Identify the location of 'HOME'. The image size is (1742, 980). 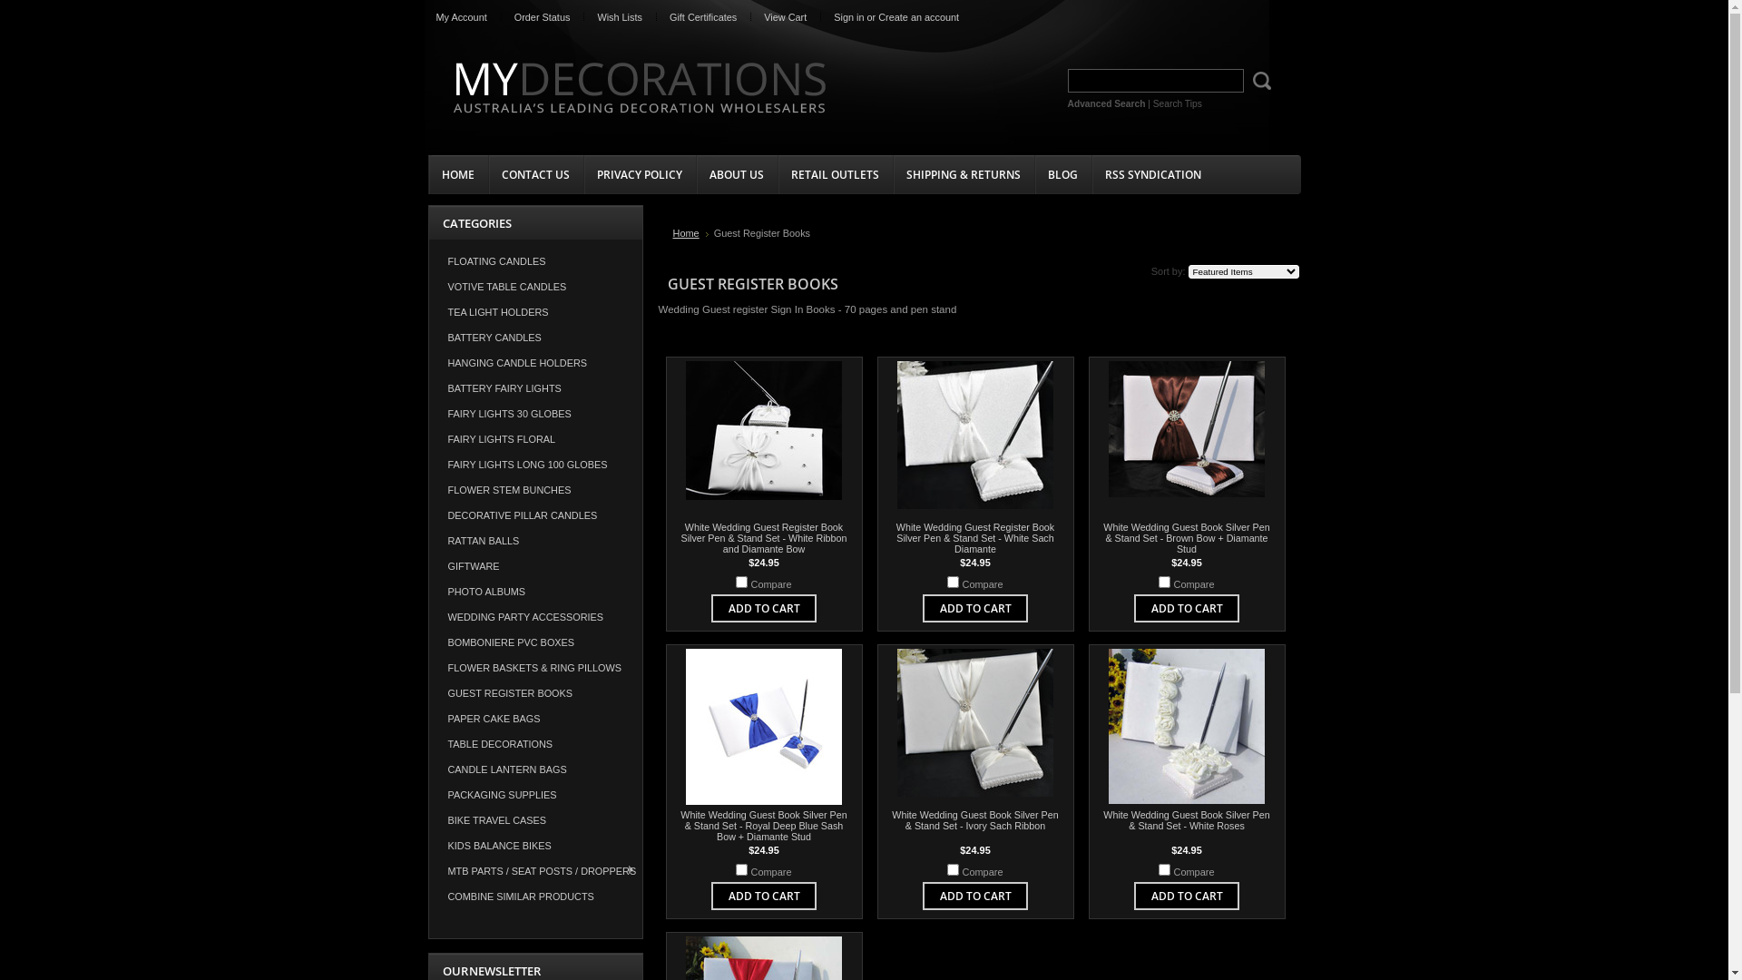
(457, 174).